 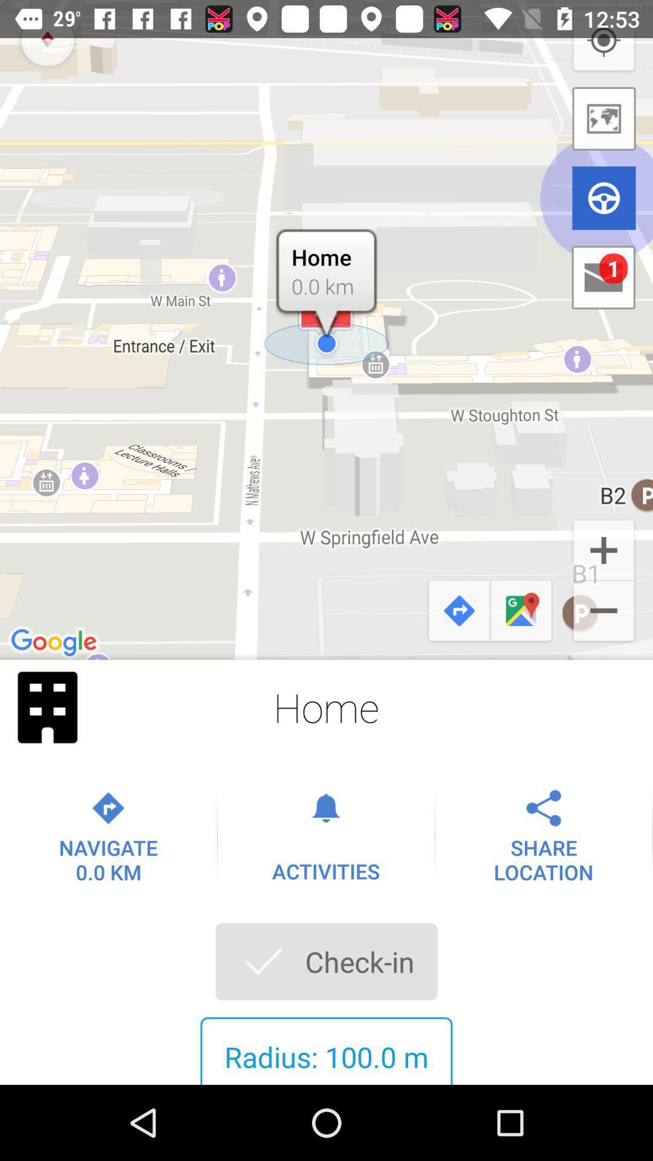 I want to click on the email icon, so click(x=603, y=277).